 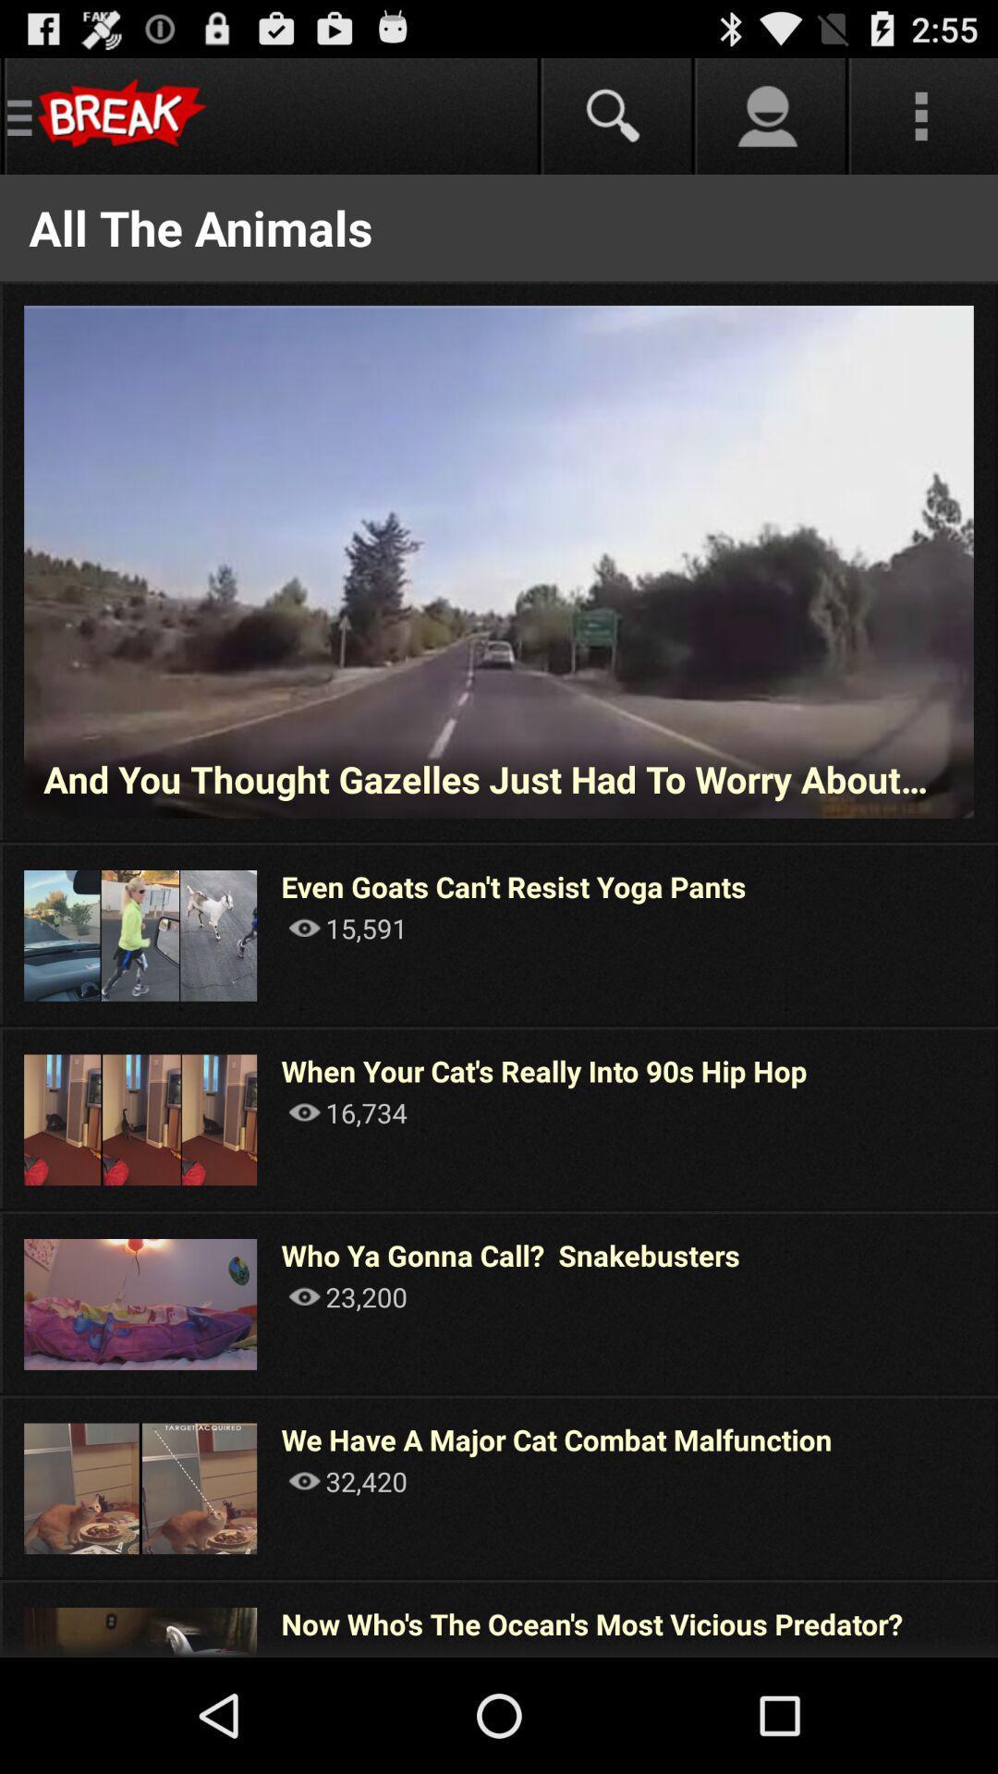 I want to click on the app to the right of we have a icon, so click(x=995, y=1488).